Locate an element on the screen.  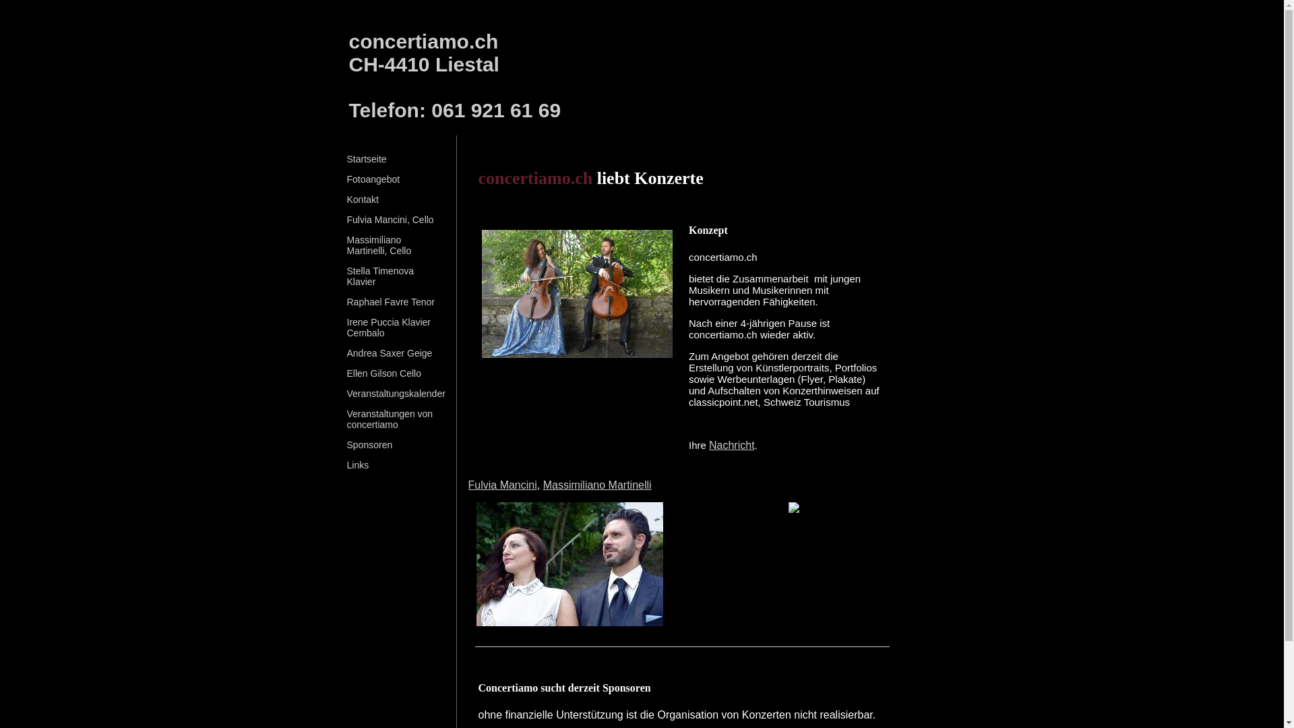
'Sponsoren' is located at coordinates (369, 450).